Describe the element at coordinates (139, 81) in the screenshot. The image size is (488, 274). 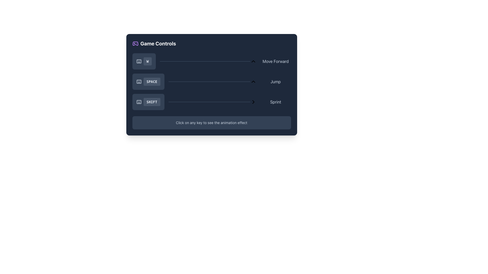
I see `the SVG Icon representing the spacebar key, which is located in the second row of controls and positioned to the left of the 'SPACE' label` at that location.